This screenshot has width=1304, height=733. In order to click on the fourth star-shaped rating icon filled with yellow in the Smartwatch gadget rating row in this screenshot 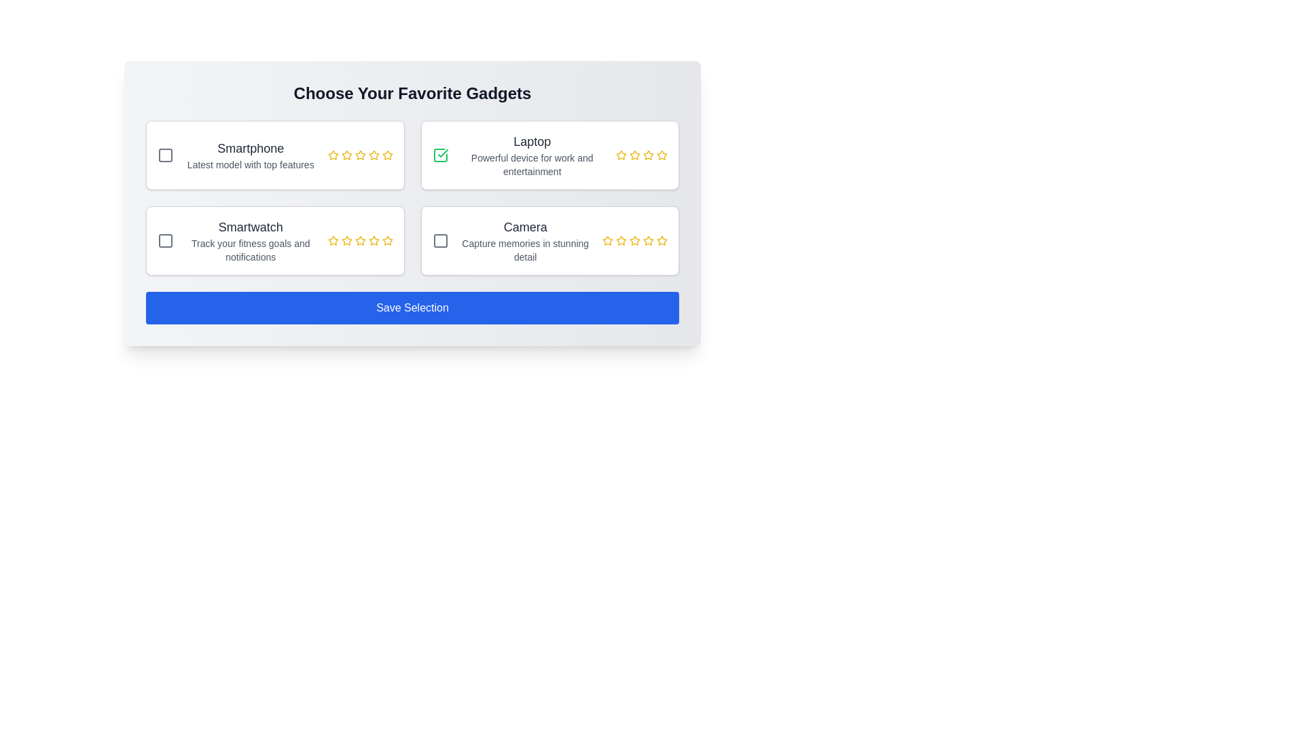, I will do `click(360, 240)`.